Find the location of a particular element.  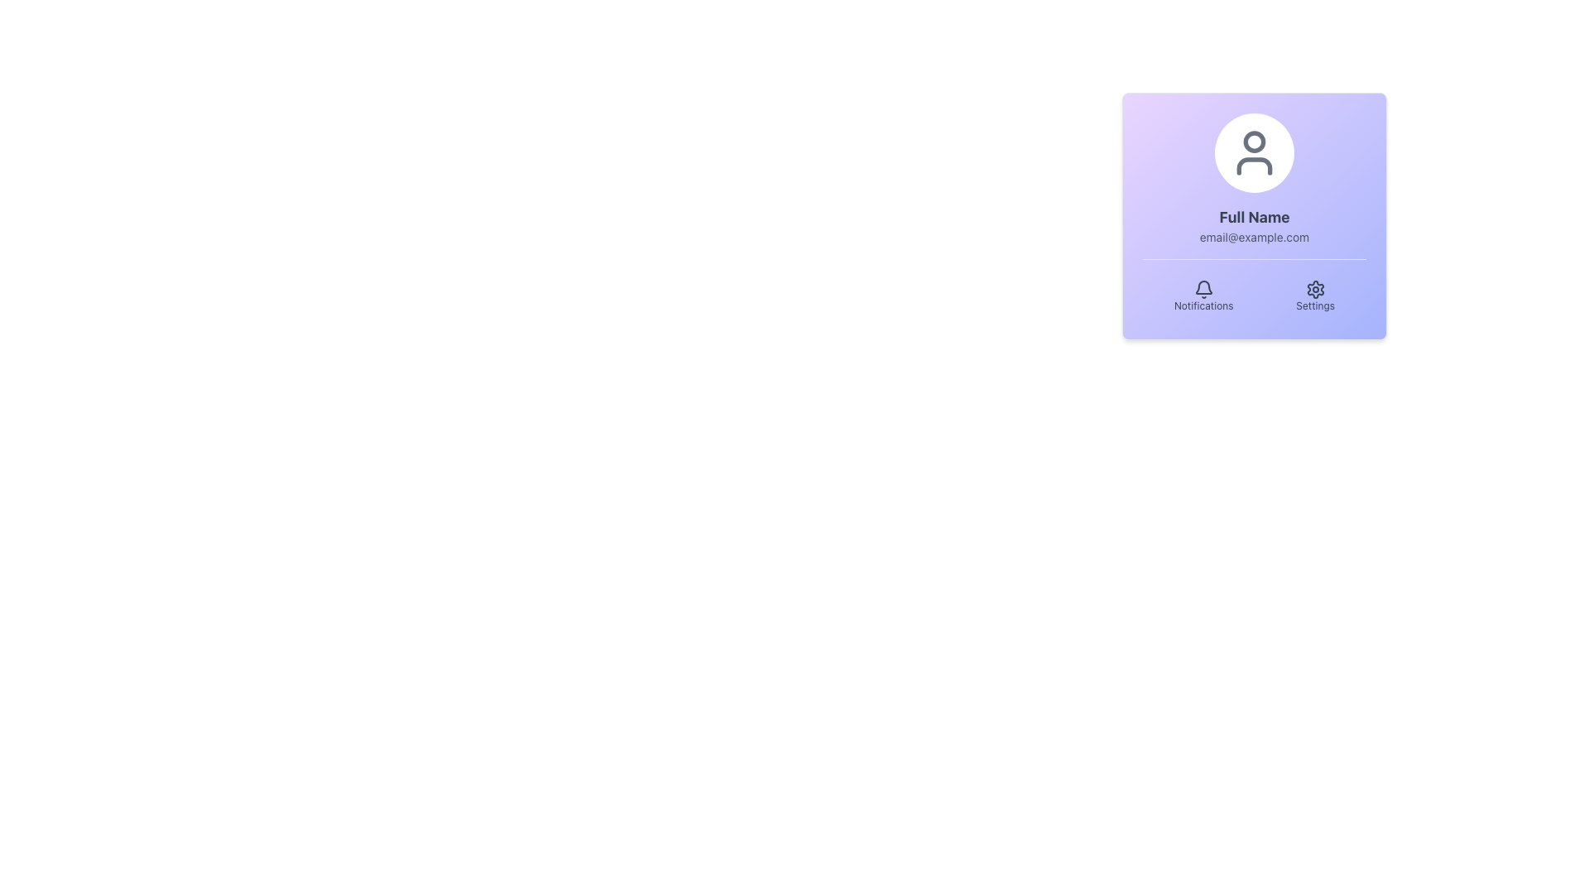

the settings button located in the bottom section of the card layout, which is the rightmost item next to the 'Notifications' button is located at coordinates (1314, 296).